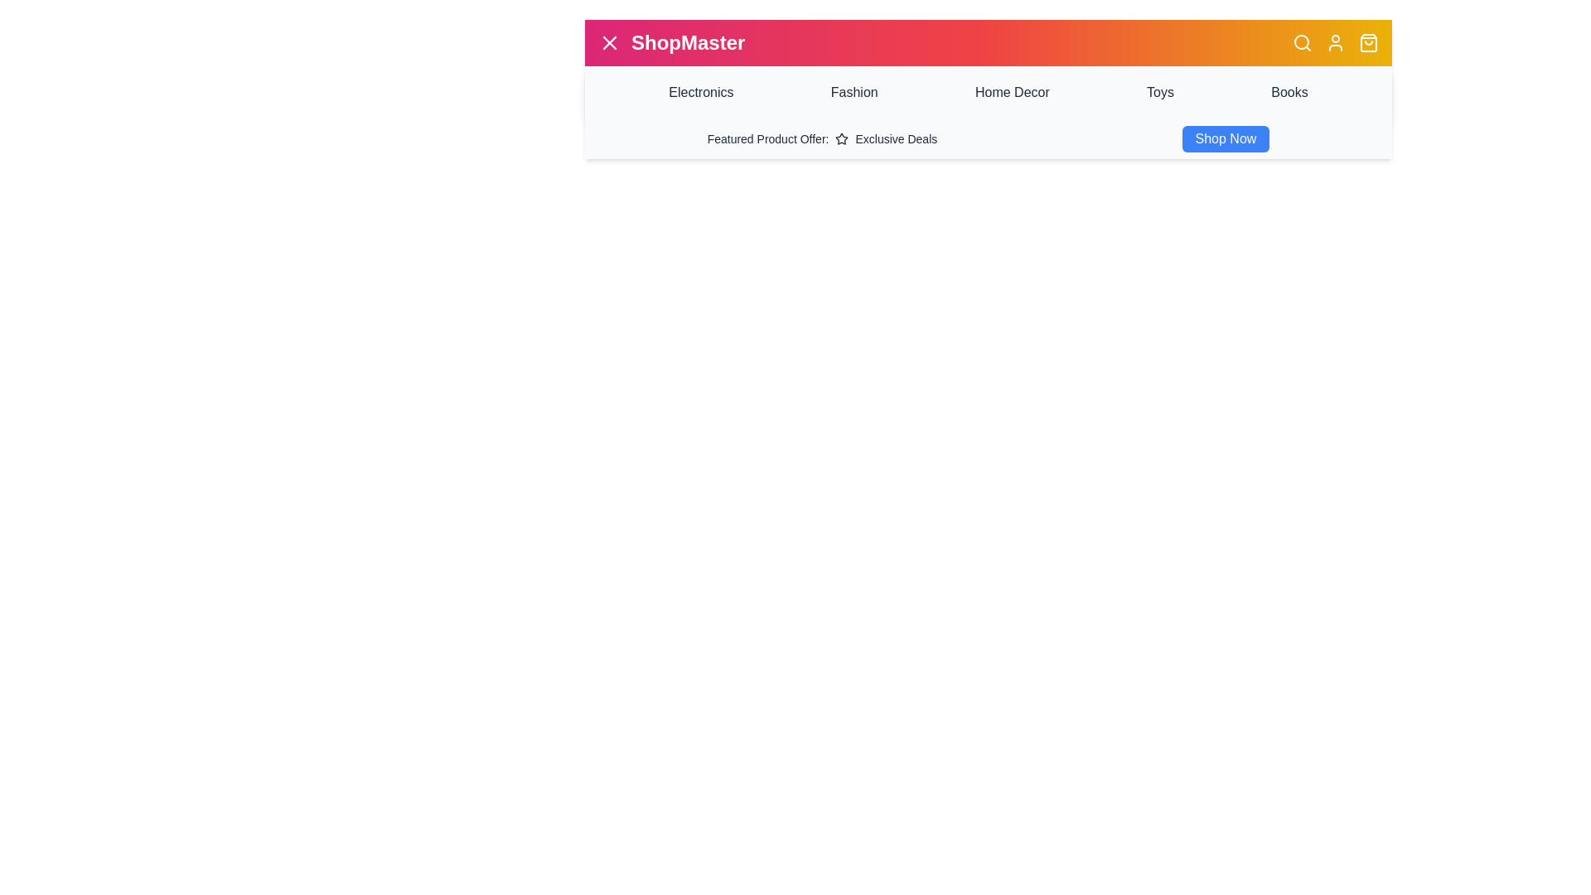 The height and width of the screenshot is (895, 1591). I want to click on the menu button to toggle the navigation menu visibility, so click(608, 41).